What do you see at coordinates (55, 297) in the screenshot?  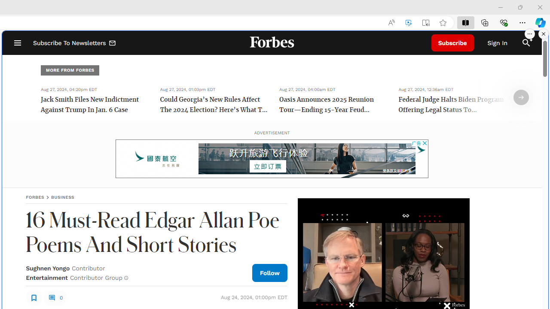 I see `'0'` at bounding box center [55, 297].